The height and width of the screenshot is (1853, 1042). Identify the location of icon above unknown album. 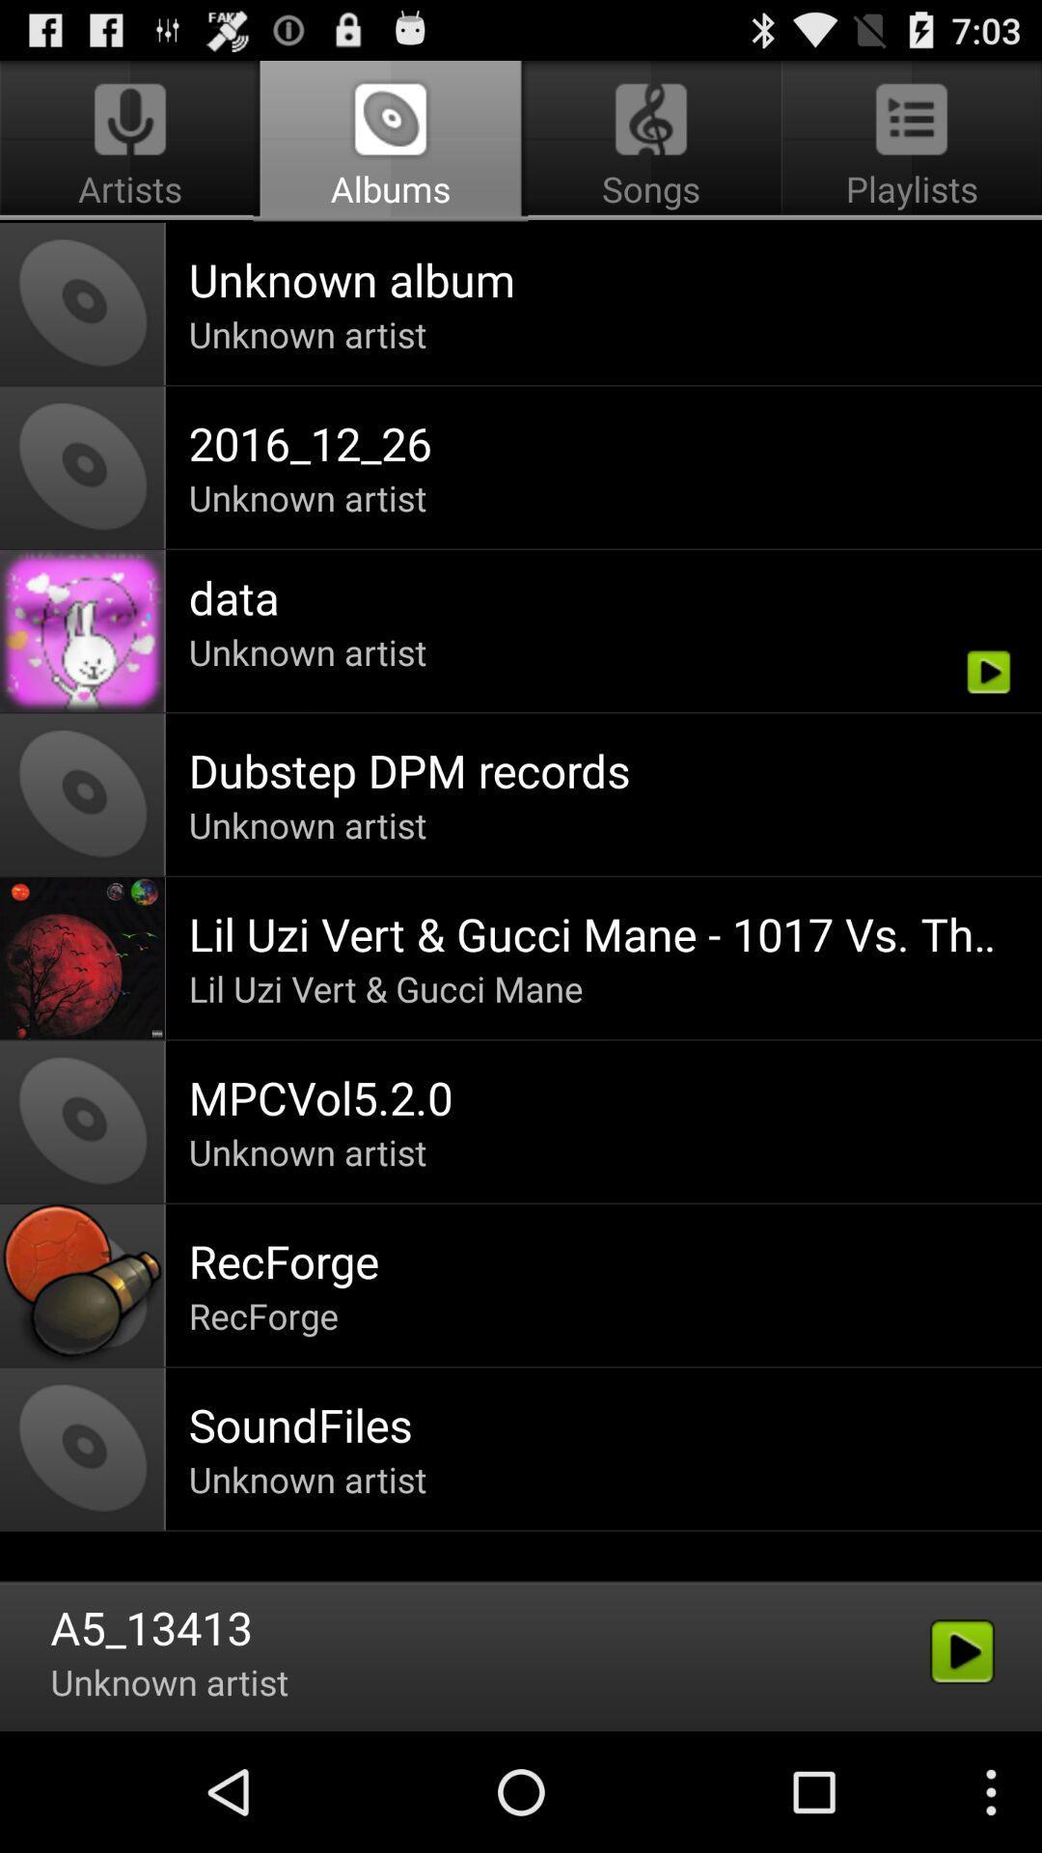
(391, 141).